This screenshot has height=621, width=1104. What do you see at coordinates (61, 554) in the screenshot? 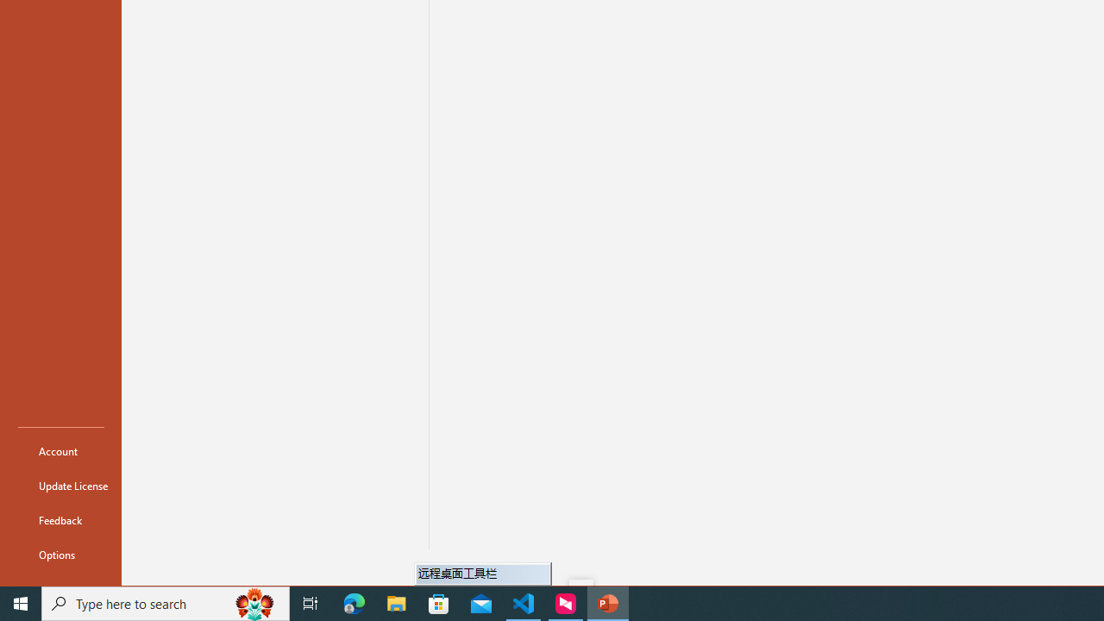
I see `'Options'` at bounding box center [61, 554].